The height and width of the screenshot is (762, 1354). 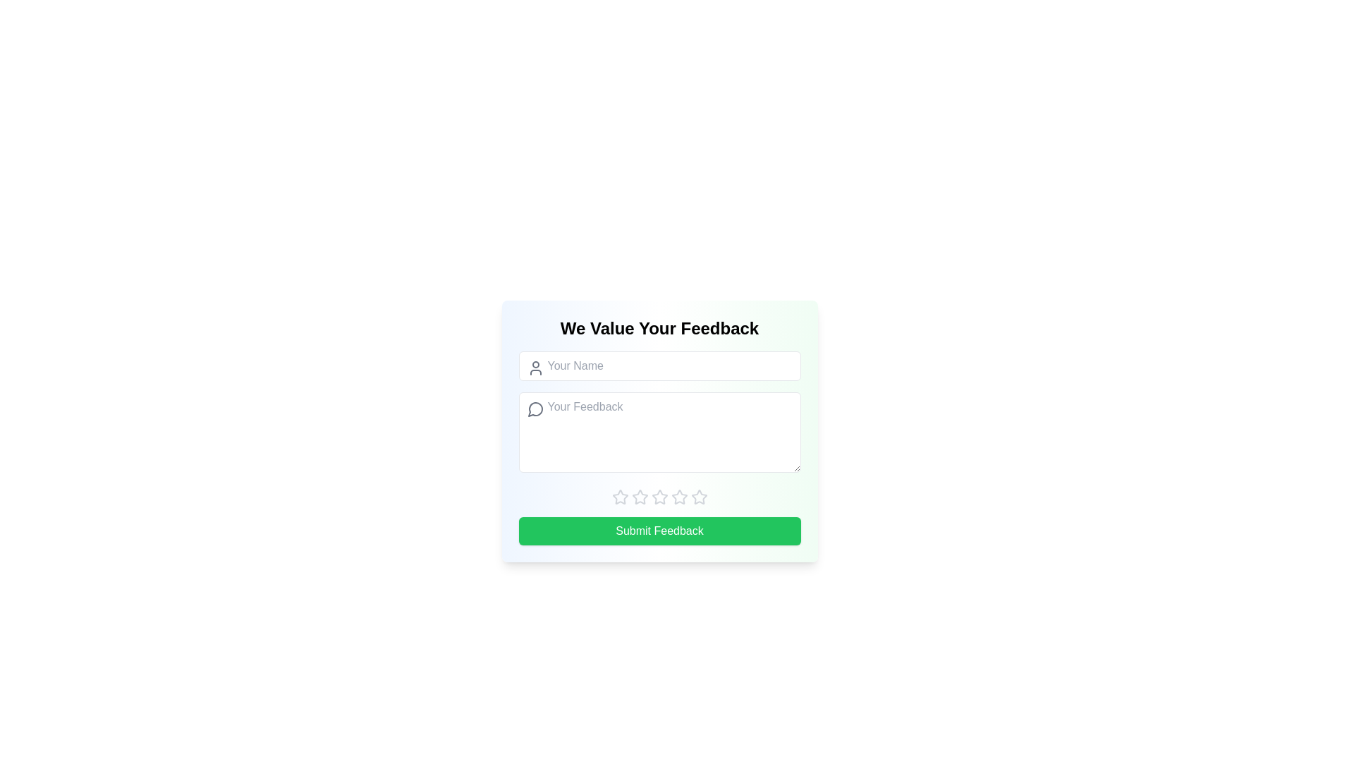 I want to click on the communication feedback icon located at the top-left inside the 'Your Feedback' input box, so click(x=535, y=409).